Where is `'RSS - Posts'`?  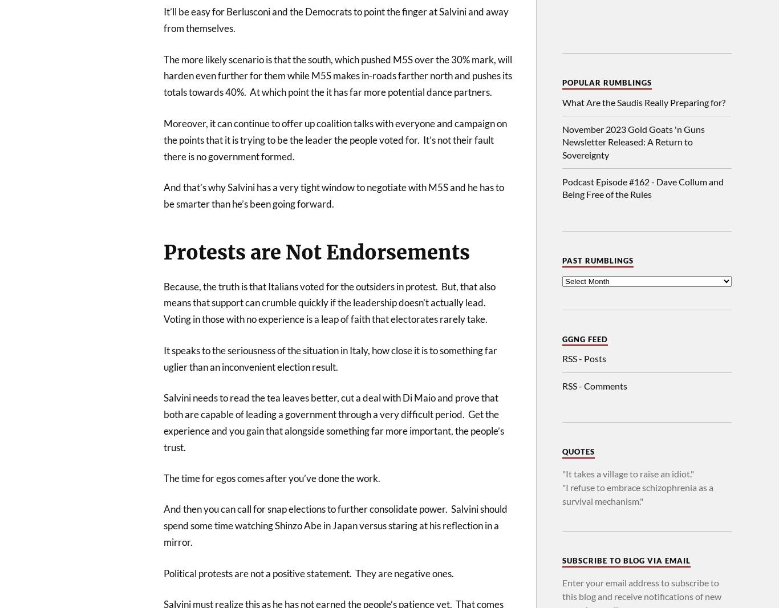
'RSS - Posts' is located at coordinates (584, 358).